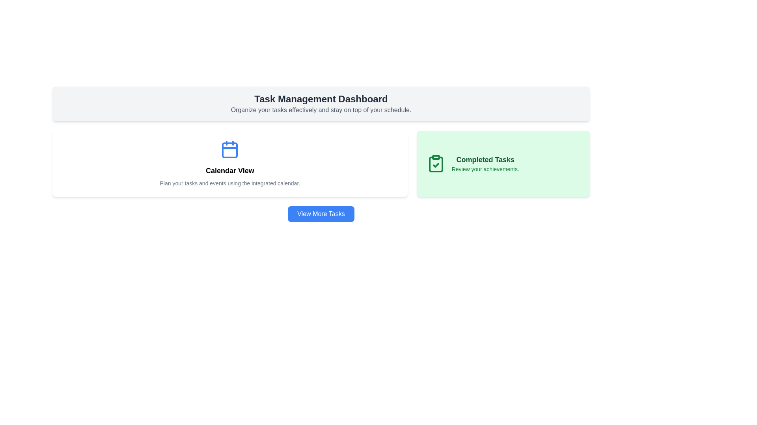 Image resolution: width=757 pixels, height=425 pixels. What do you see at coordinates (321, 214) in the screenshot?
I see `the navigation button located below 'Calendar View' and 'Completed Tasks' to observe potential styling changes` at bounding box center [321, 214].